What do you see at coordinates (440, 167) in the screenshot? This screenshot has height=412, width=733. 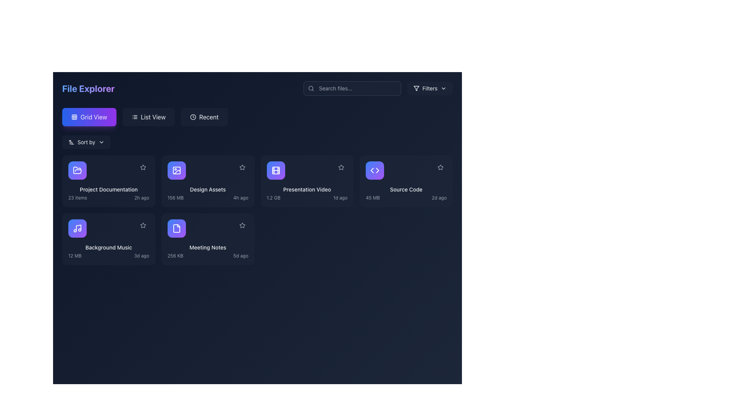 I see `the star-shaped icon located at the top right corner of the 'Source Code' card` at bounding box center [440, 167].